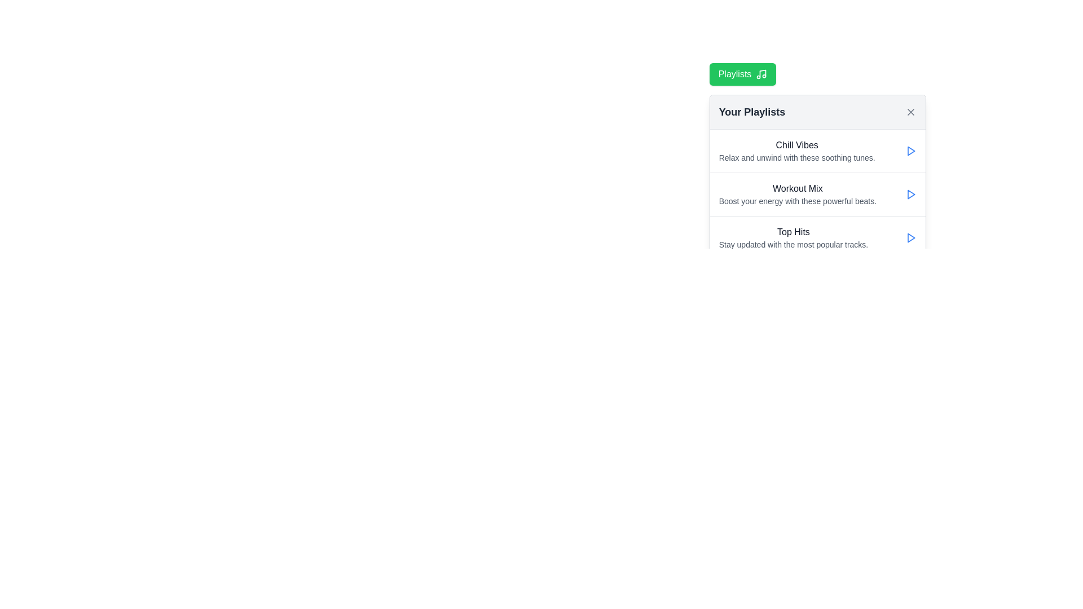 The height and width of the screenshot is (609, 1083). I want to click on the green 'Playlists' button with a music note icon located at the top-left of the playlist-themed popup dialog, so click(742, 74).